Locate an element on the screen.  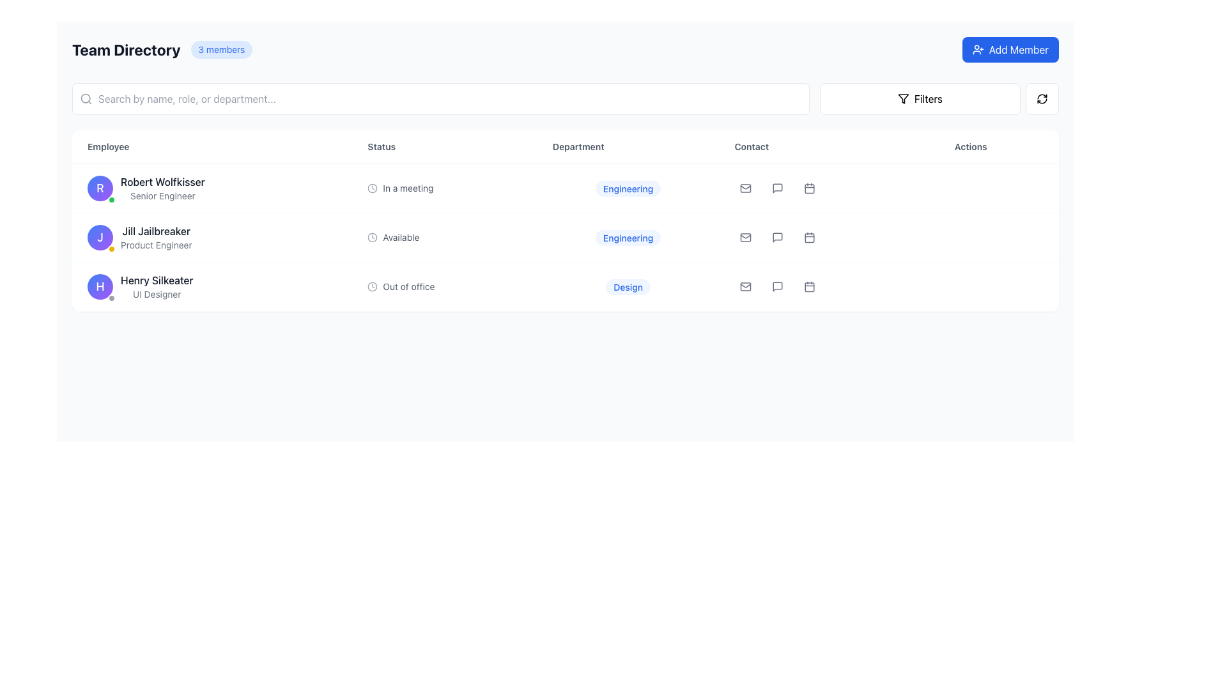
the department label for 'Robert Wolfkisser' in the first row of the table, which indicates the department associated with this entry is located at coordinates (628, 188).